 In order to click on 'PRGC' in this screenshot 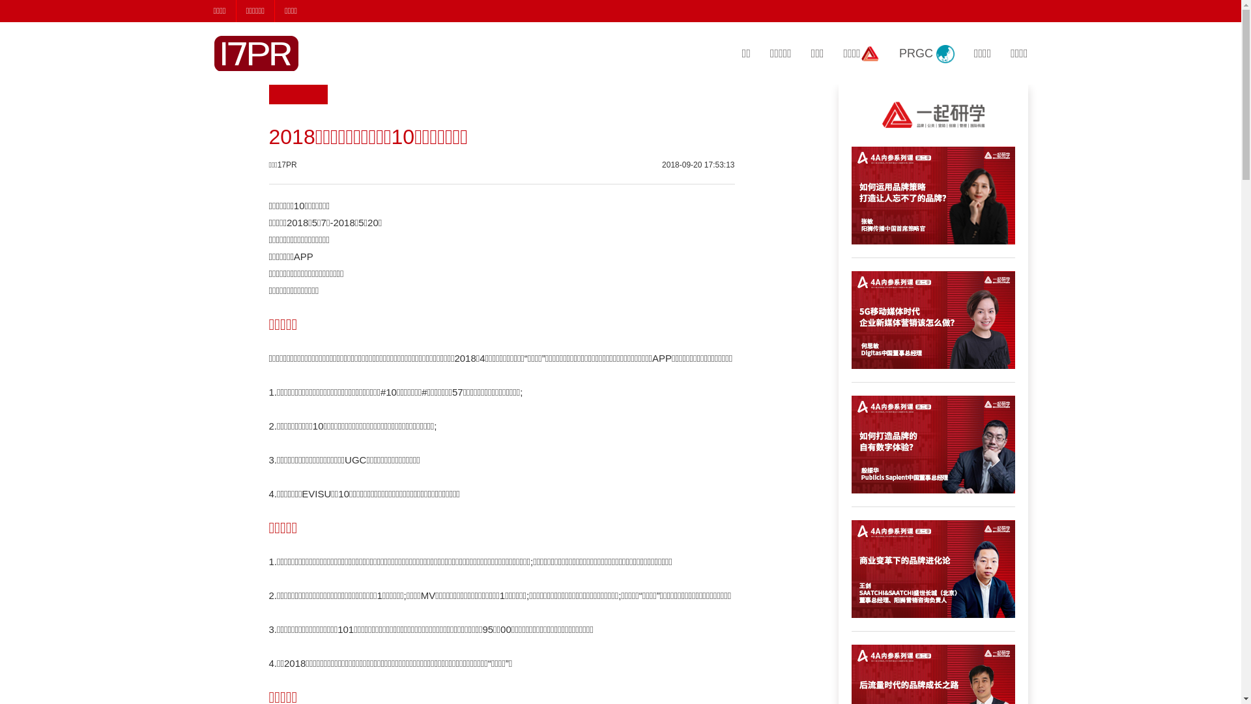, I will do `click(926, 54)`.